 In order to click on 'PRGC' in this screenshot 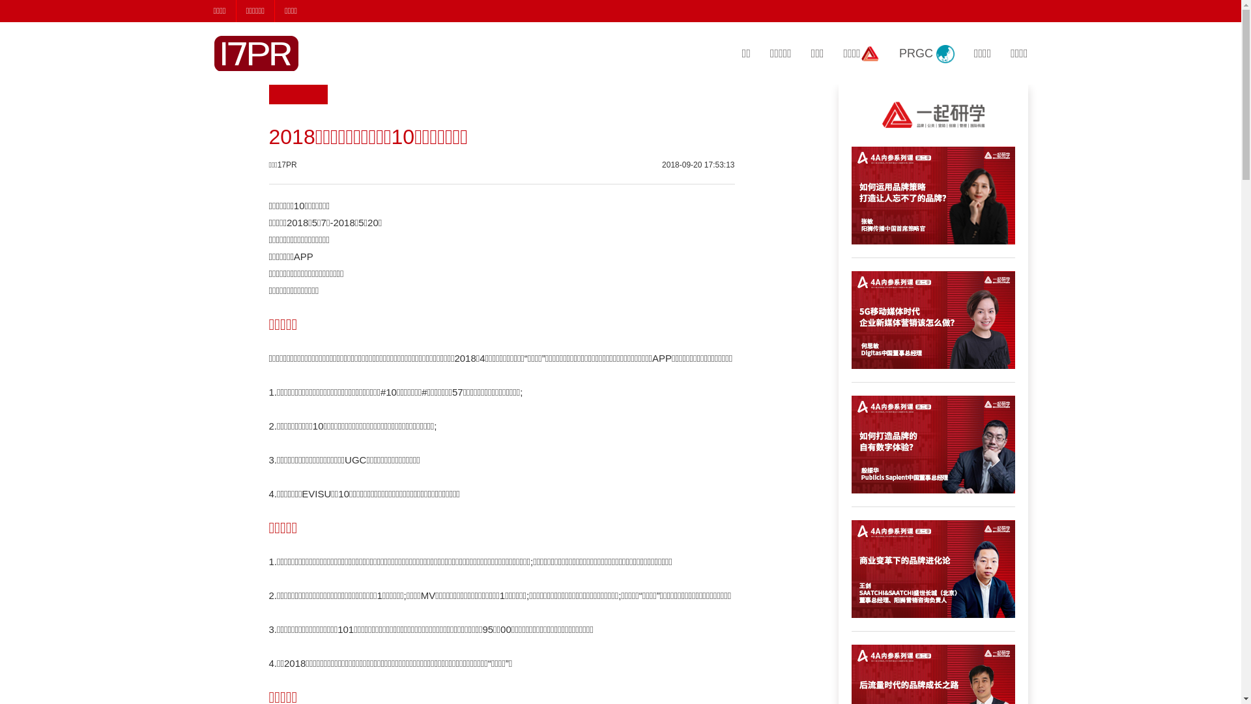, I will do `click(926, 54)`.